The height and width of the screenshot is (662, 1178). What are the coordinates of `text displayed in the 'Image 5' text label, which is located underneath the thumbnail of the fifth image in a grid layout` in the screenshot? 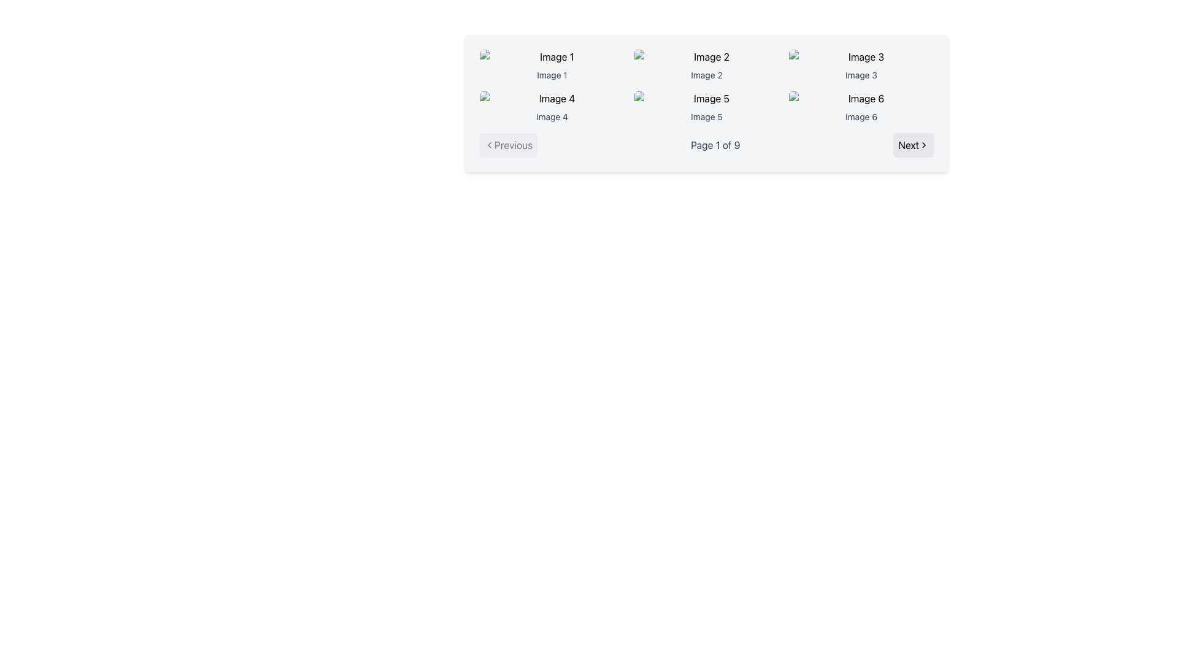 It's located at (707, 117).